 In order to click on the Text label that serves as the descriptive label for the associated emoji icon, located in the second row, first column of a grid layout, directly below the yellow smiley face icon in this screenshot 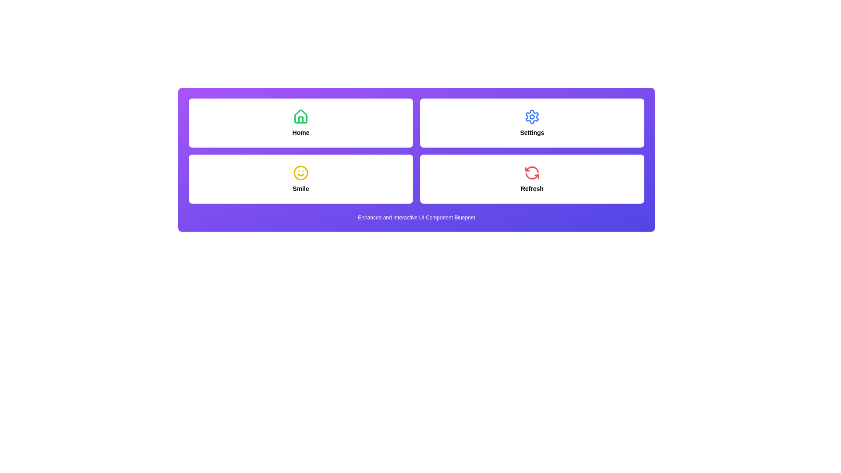, I will do `click(300, 188)`.